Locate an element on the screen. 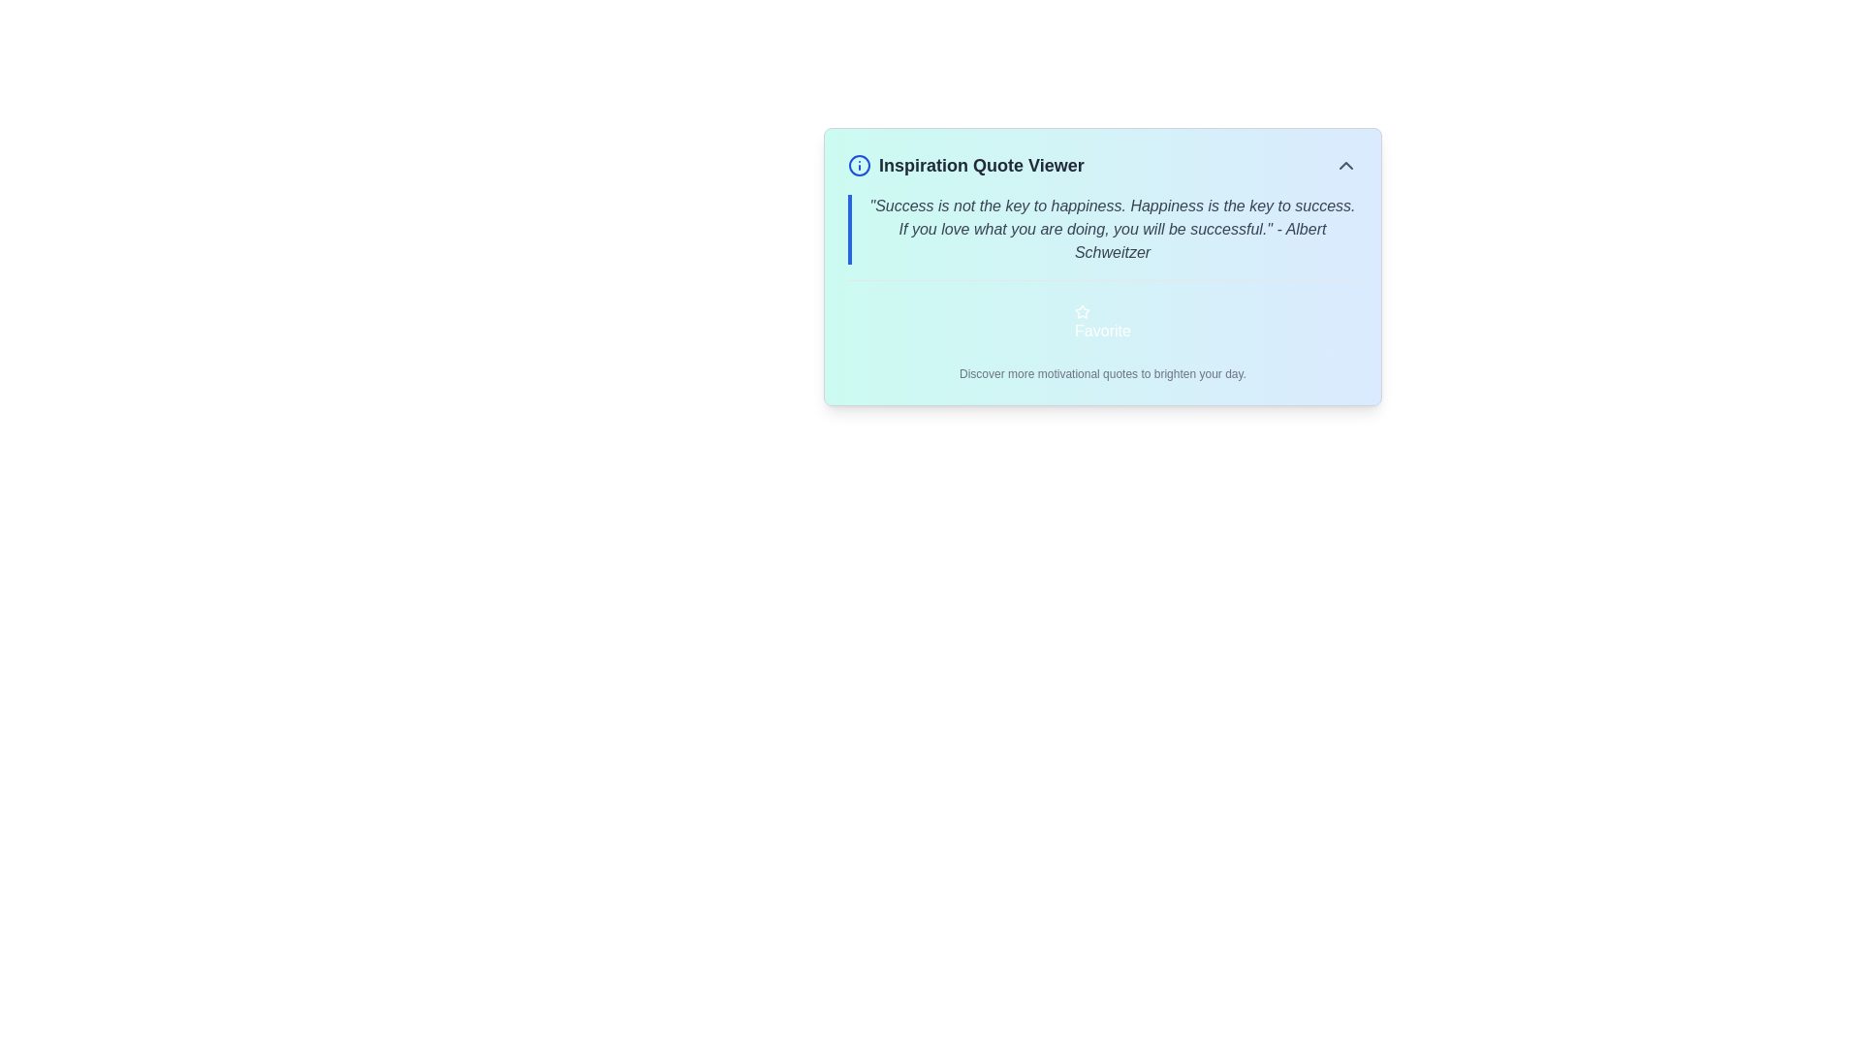  text from the heading labeled 'Inspiration Quote Viewer', which is displayed in bold, dark text and located beside a circular blue icon with an 'info' symbol is located at coordinates (965, 164).